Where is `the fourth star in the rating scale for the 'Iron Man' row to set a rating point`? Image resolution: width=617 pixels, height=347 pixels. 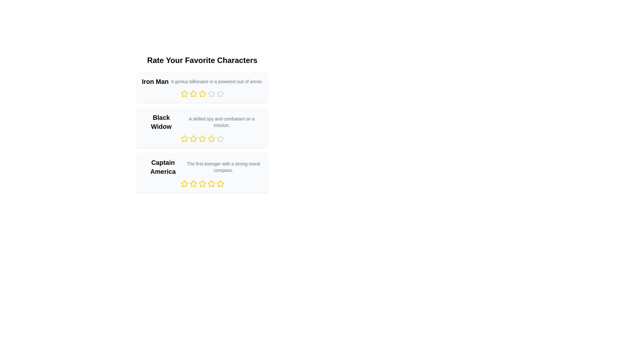 the fourth star in the rating scale for the 'Iron Man' row to set a rating point is located at coordinates (211, 94).